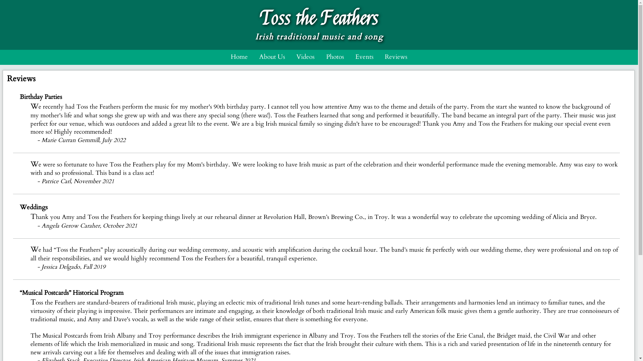 The image size is (643, 361). I want to click on 'Videos', so click(305, 56).